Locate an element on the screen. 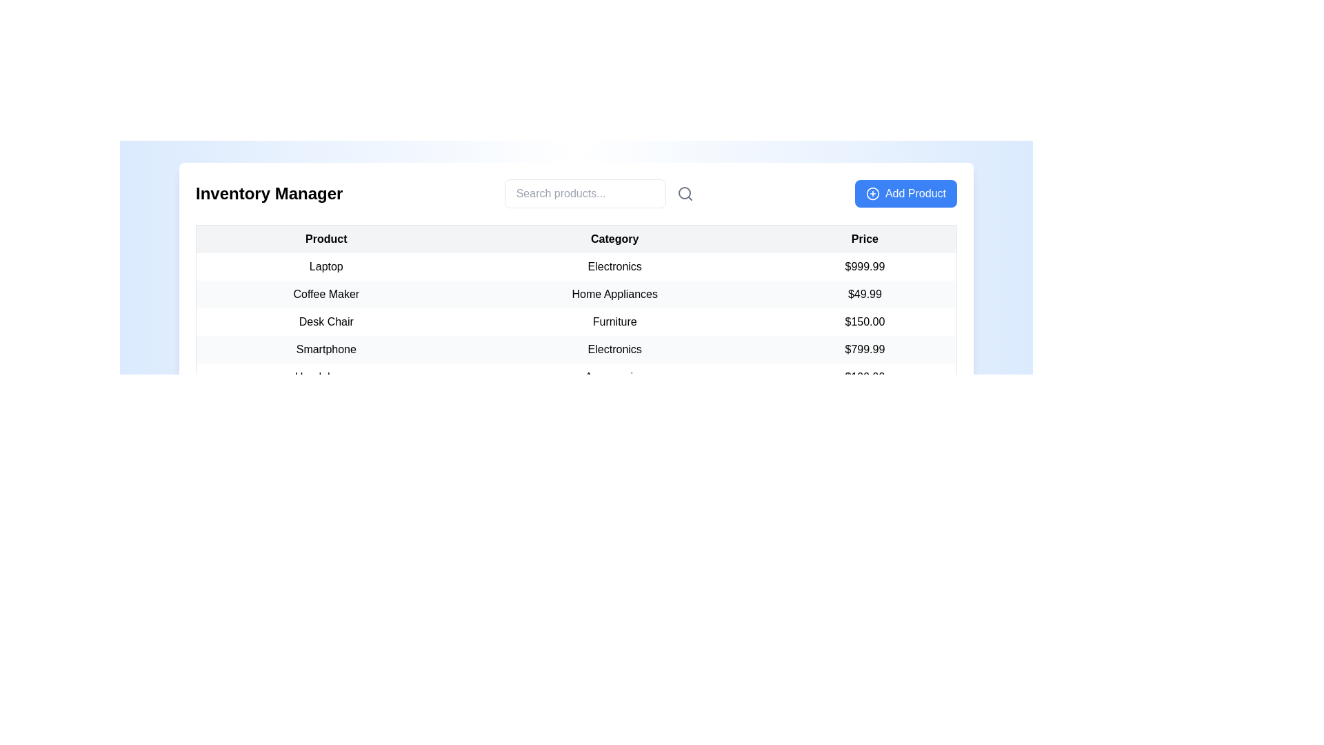 Image resolution: width=1324 pixels, height=745 pixels. the 'Electronics' text label, which is displayed in bold and centered in the 'Category' column of the table layout is located at coordinates (614, 348).